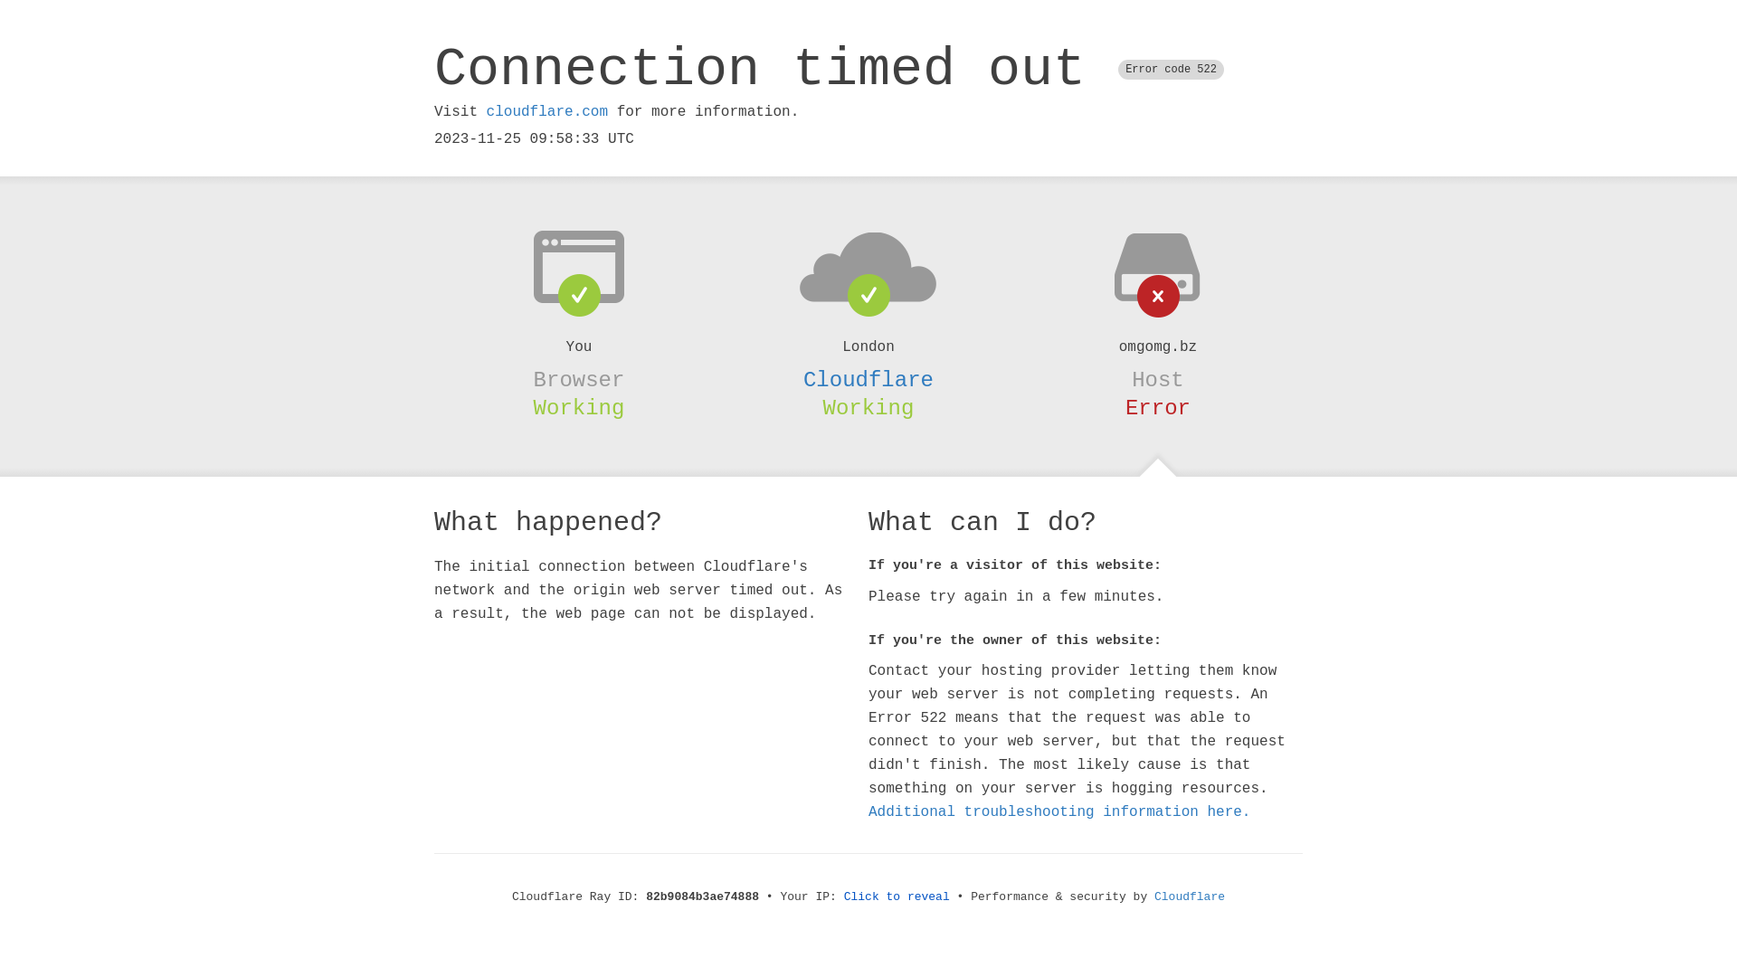 This screenshot has width=1737, height=977. I want to click on 'Click to reveal', so click(842, 896).